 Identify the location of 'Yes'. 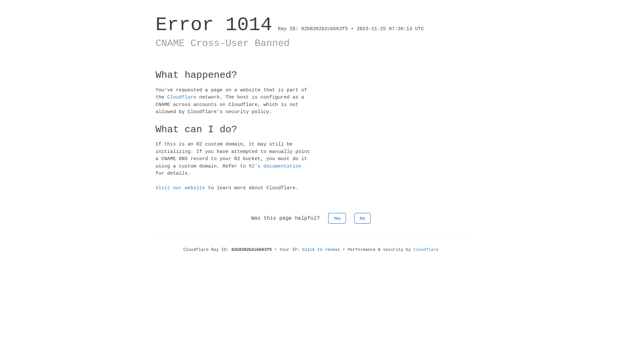
(328, 218).